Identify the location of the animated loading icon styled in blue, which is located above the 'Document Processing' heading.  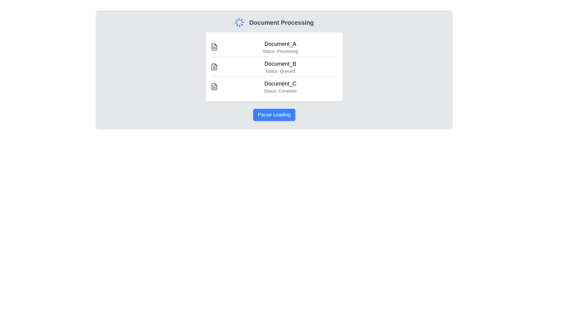
(239, 22).